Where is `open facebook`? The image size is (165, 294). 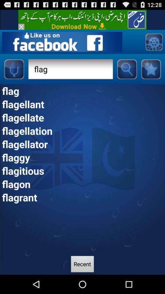
open facebook is located at coordinates (62, 41).